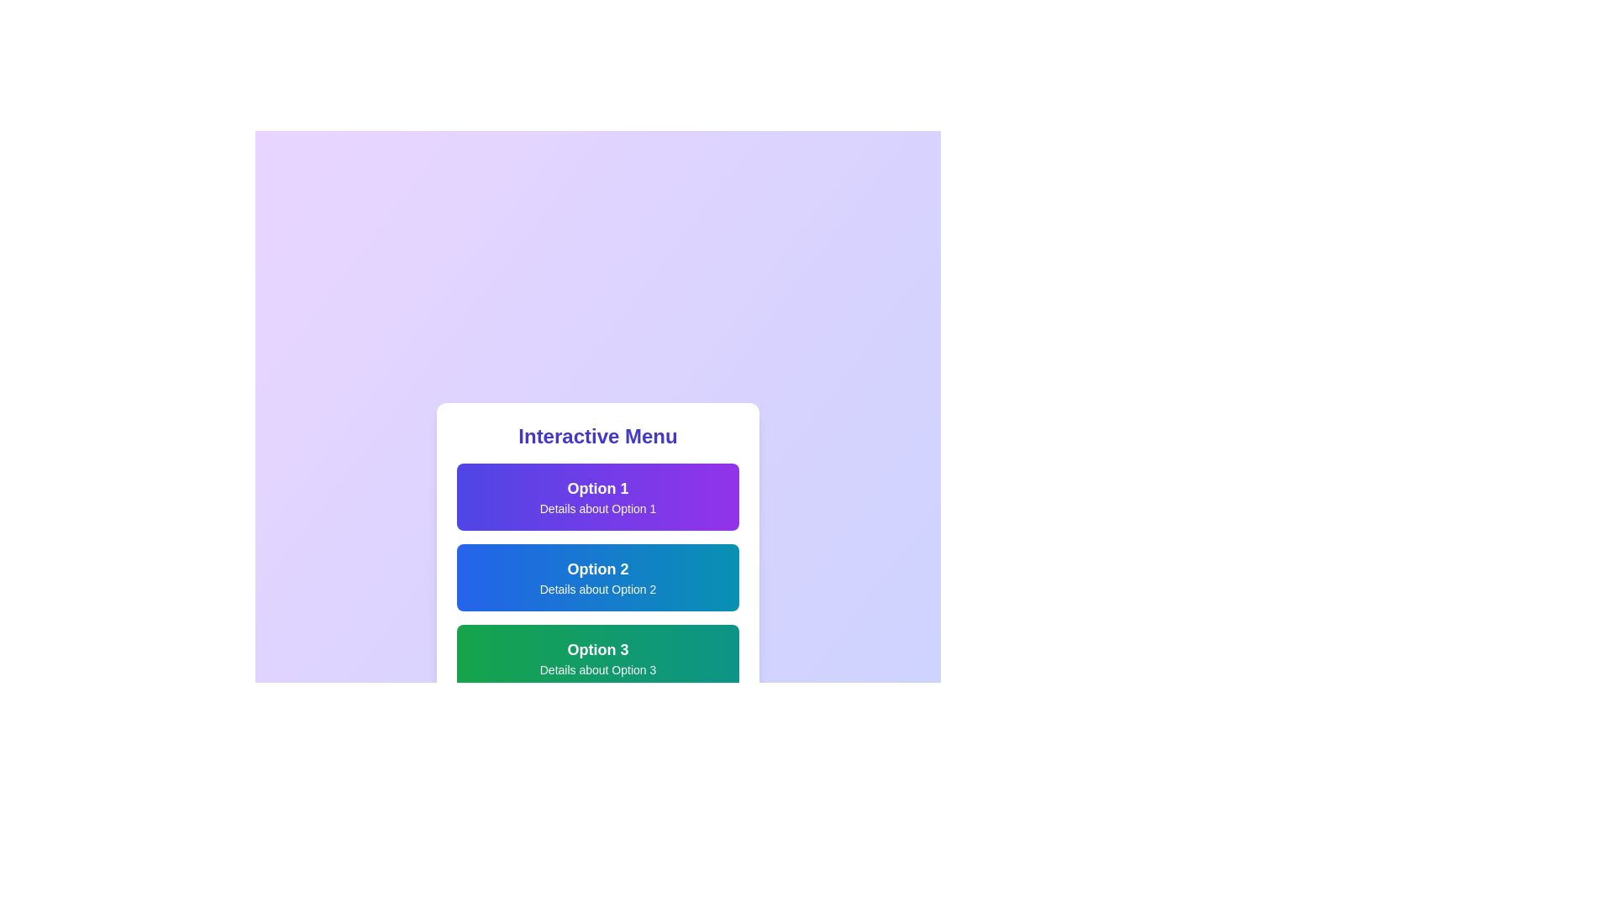 The width and height of the screenshot is (1613, 907). What do you see at coordinates (597, 495) in the screenshot?
I see `the menu item Option 1 to observe its visual change` at bounding box center [597, 495].